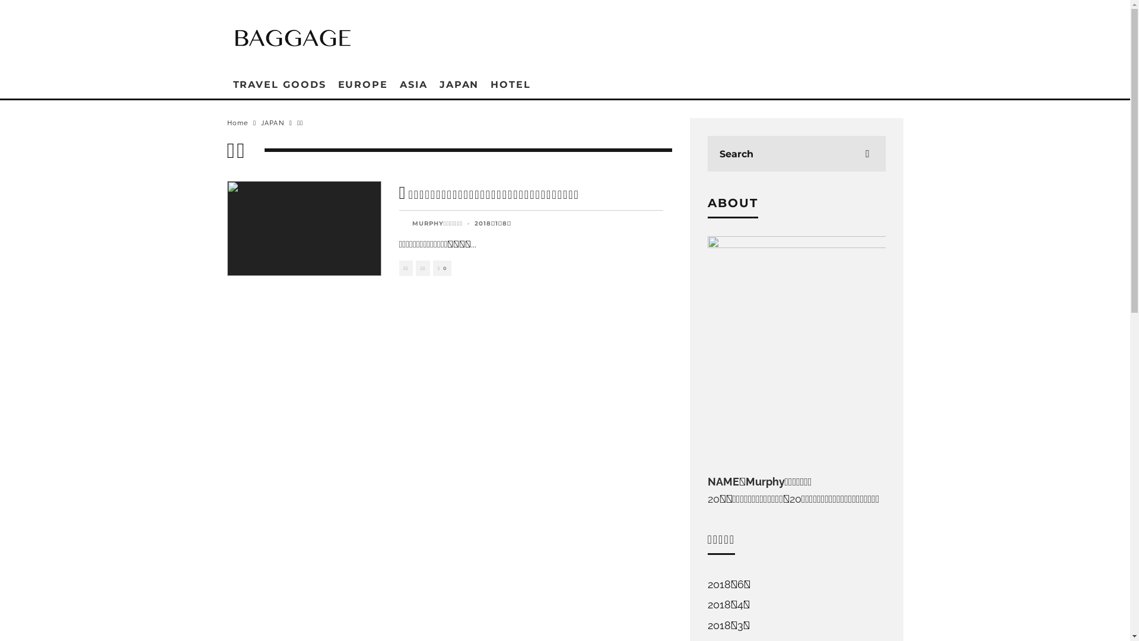 The image size is (1139, 641). What do you see at coordinates (484, 84) in the screenshot?
I see `'HOTEL'` at bounding box center [484, 84].